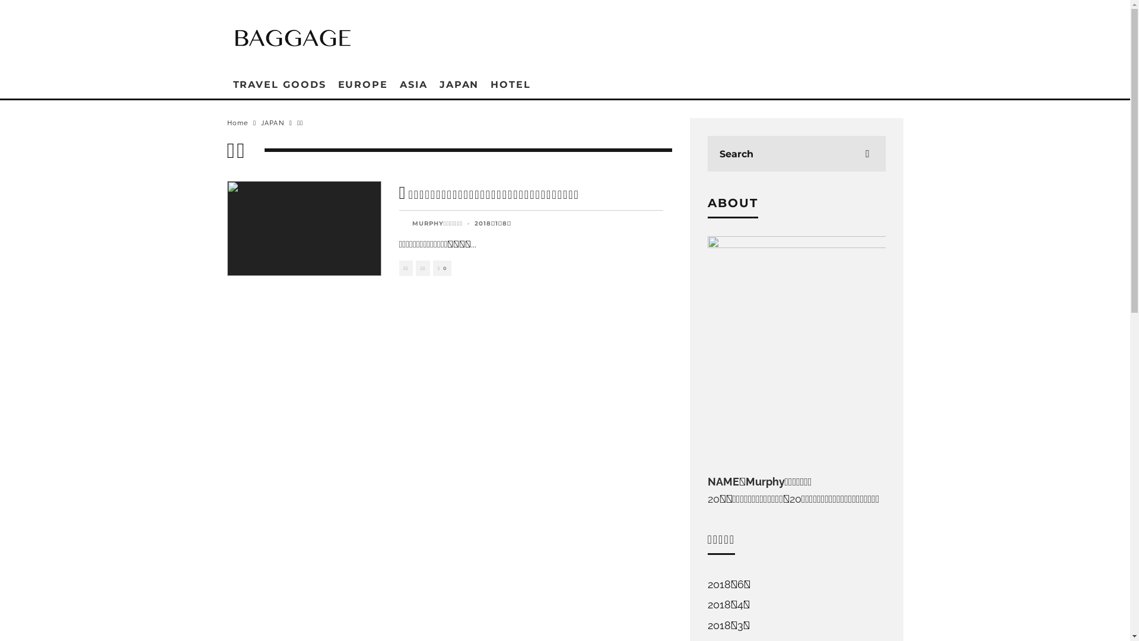 The image size is (1139, 641). What do you see at coordinates (484, 84) in the screenshot?
I see `'HOTEL'` at bounding box center [484, 84].